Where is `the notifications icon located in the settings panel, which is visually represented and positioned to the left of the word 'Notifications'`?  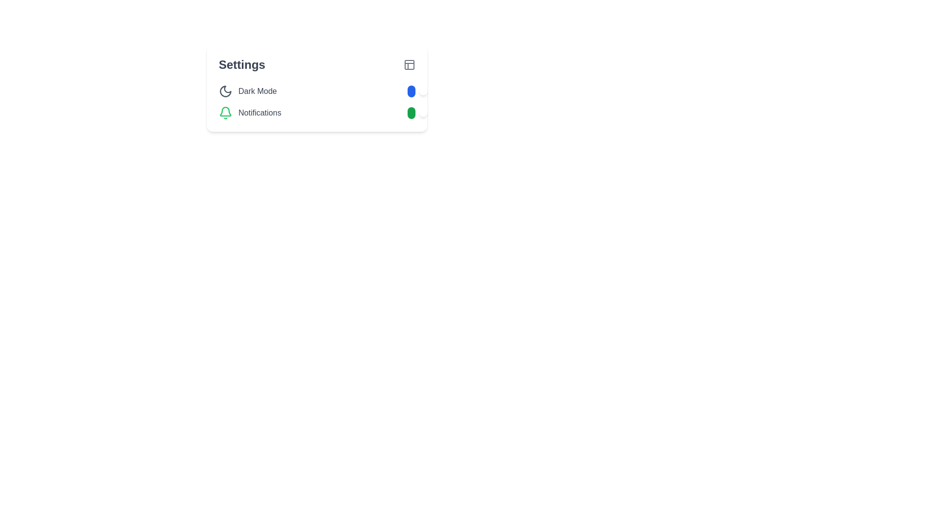
the notifications icon located in the settings panel, which is visually represented and positioned to the left of the word 'Notifications' is located at coordinates (225, 113).